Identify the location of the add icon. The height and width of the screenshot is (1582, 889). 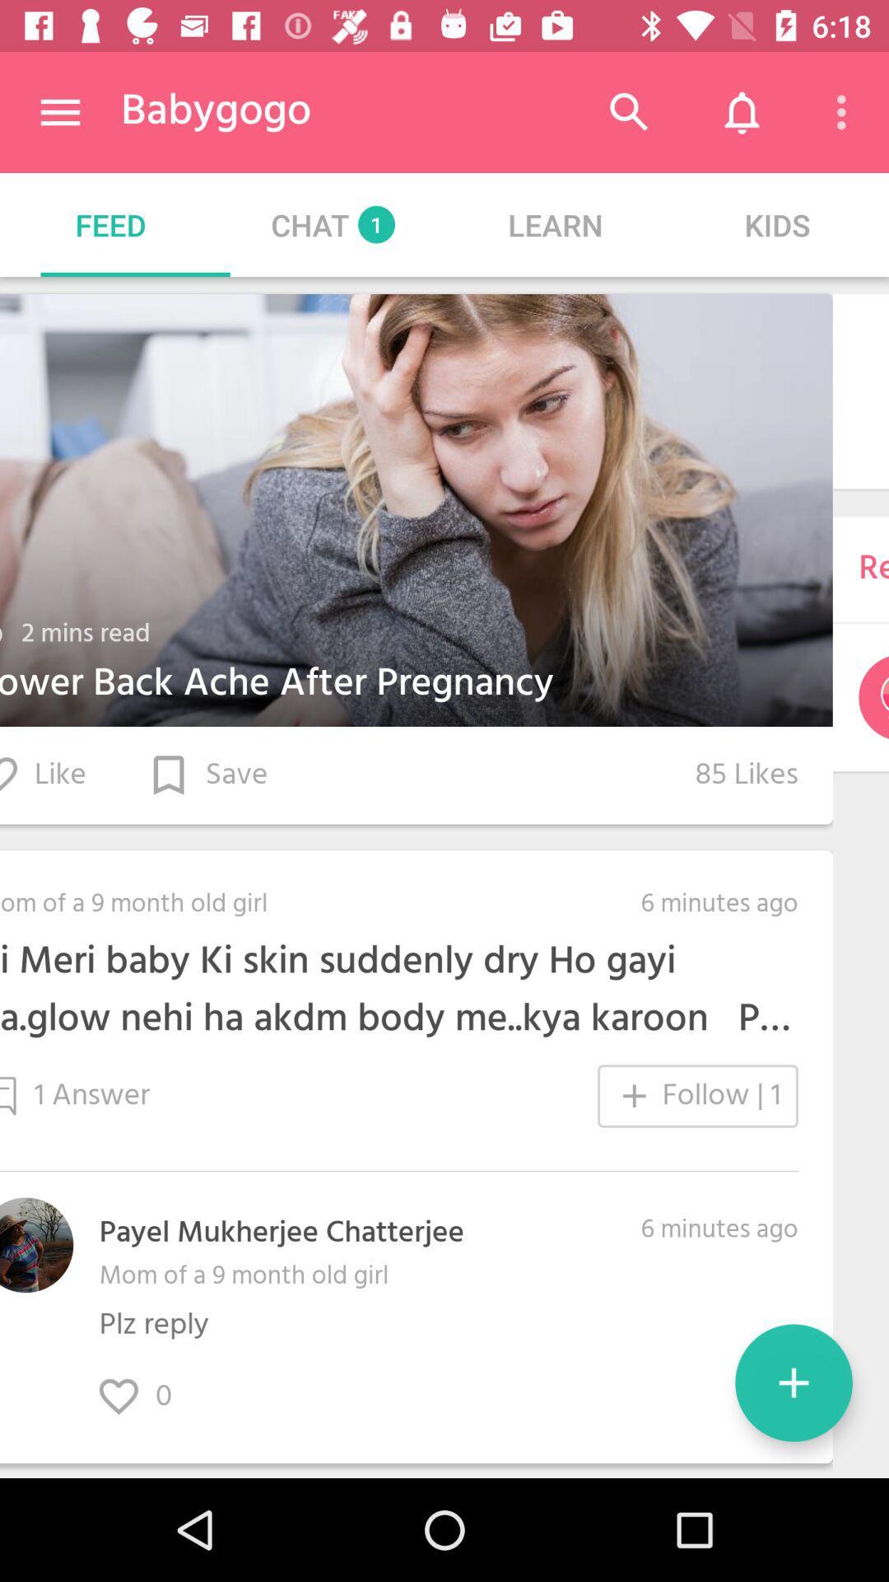
(793, 1383).